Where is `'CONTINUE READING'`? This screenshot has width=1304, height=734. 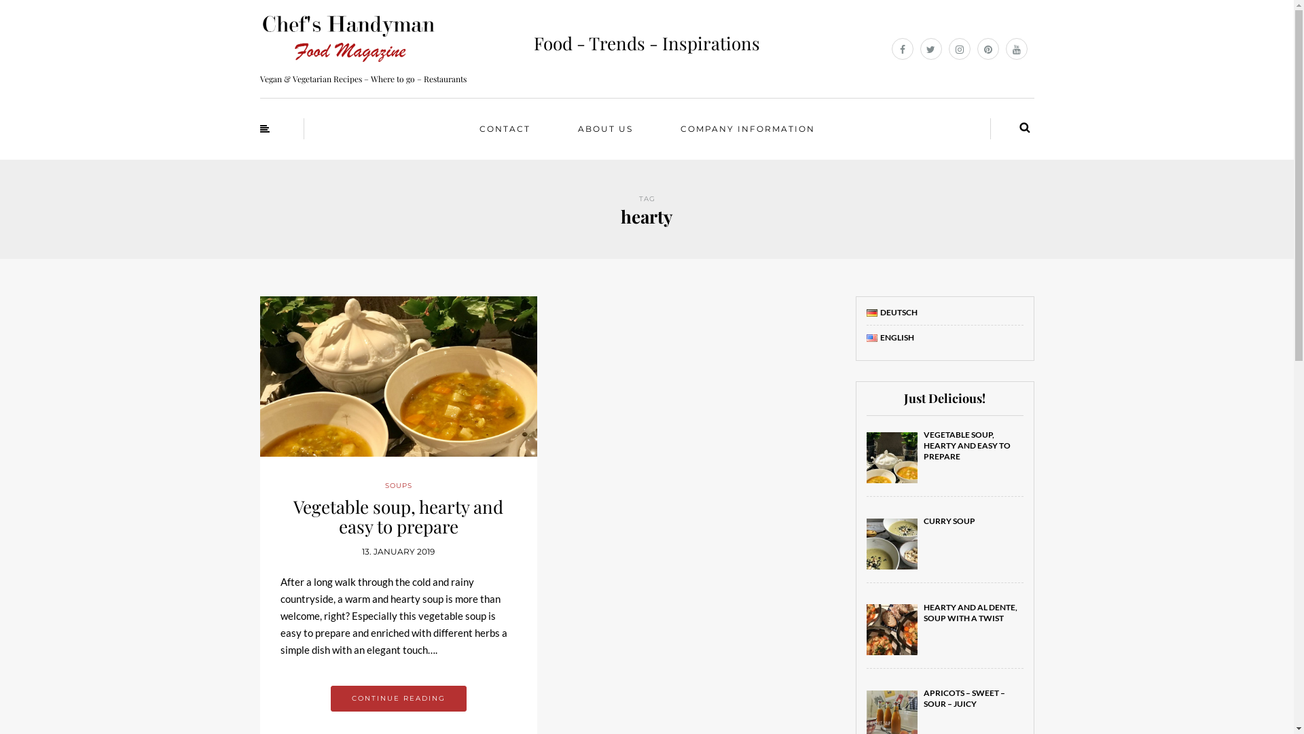
'CONTINUE READING' is located at coordinates (397, 699).